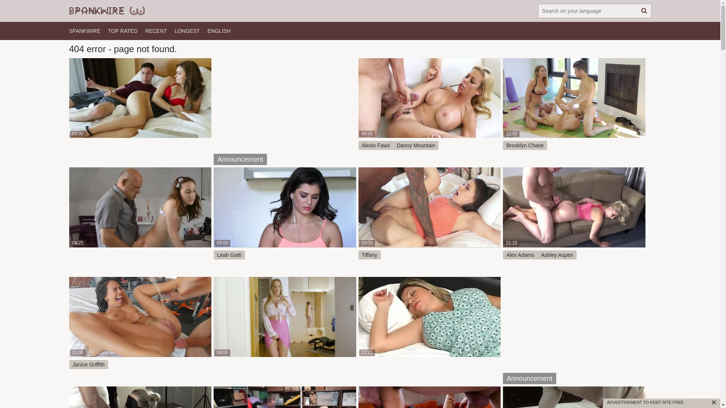 The image size is (726, 408). Describe the element at coordinates (557, 255) in the screenshot. I see `'Ashley Aspen'` at that location.